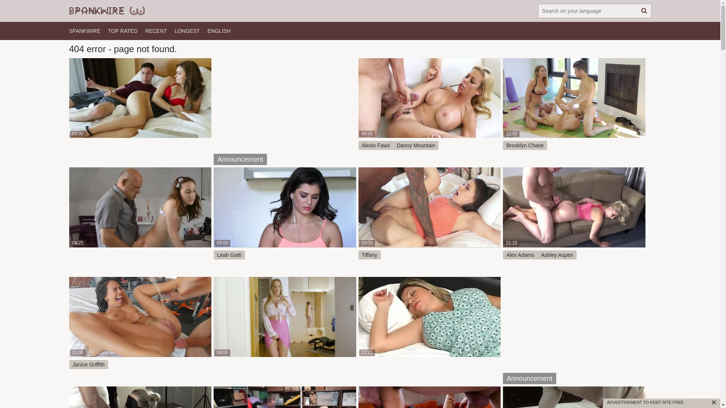 The image size is (726, 408). Describe the element at coordinates (557, 255) in the screenshot. I see `'Ashley Aspen'` at that location.